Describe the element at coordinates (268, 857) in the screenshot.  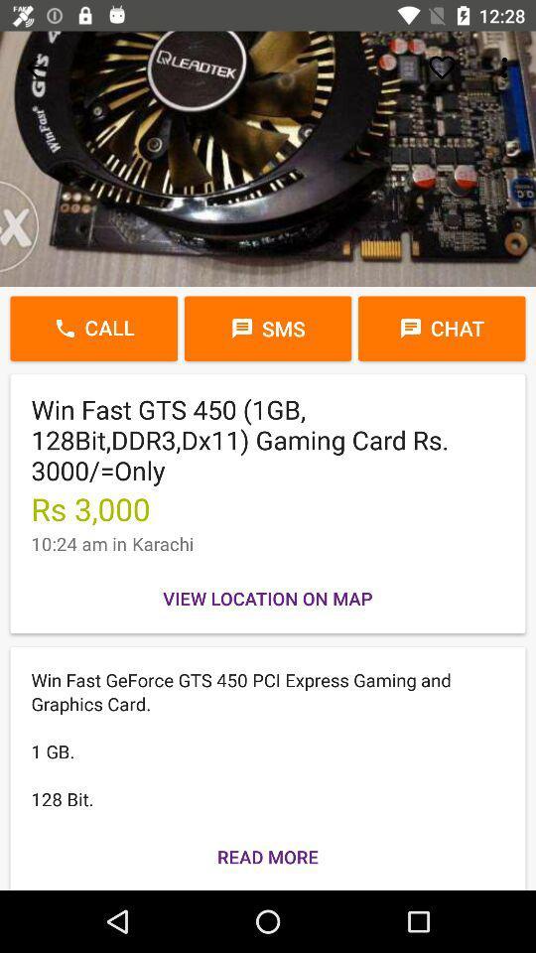
I see `the option read more` at that location.